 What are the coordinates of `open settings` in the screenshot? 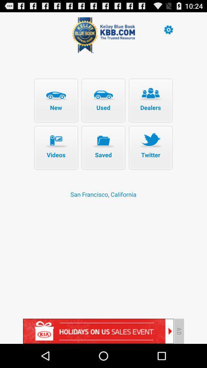 It's located at (168, 29).